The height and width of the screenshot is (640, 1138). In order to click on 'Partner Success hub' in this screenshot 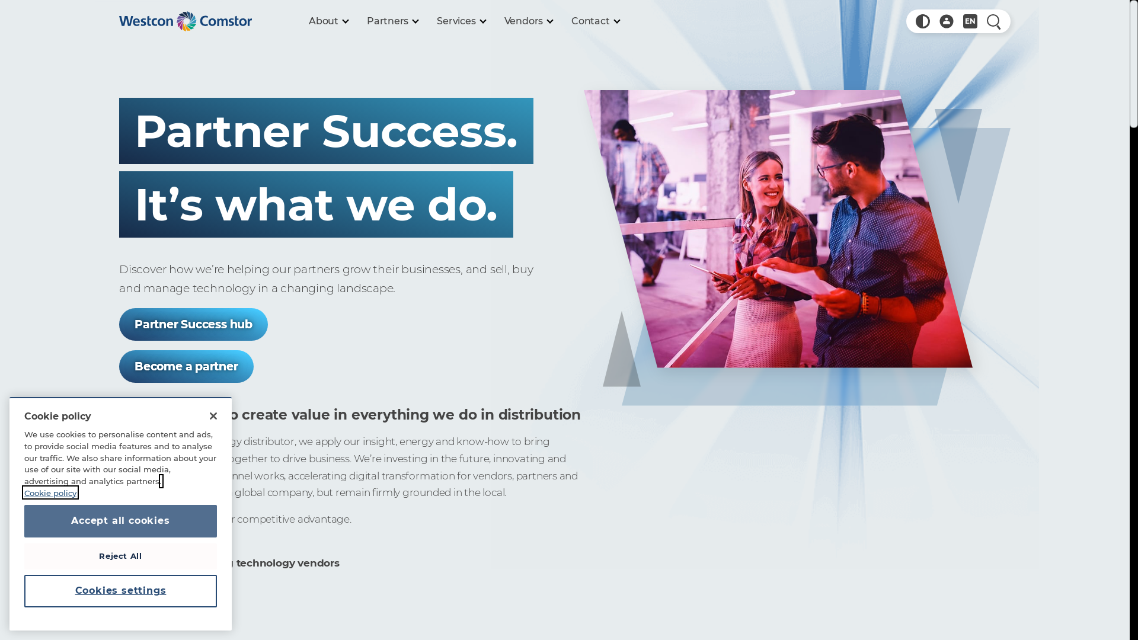, I will do `click(193, 324)`.